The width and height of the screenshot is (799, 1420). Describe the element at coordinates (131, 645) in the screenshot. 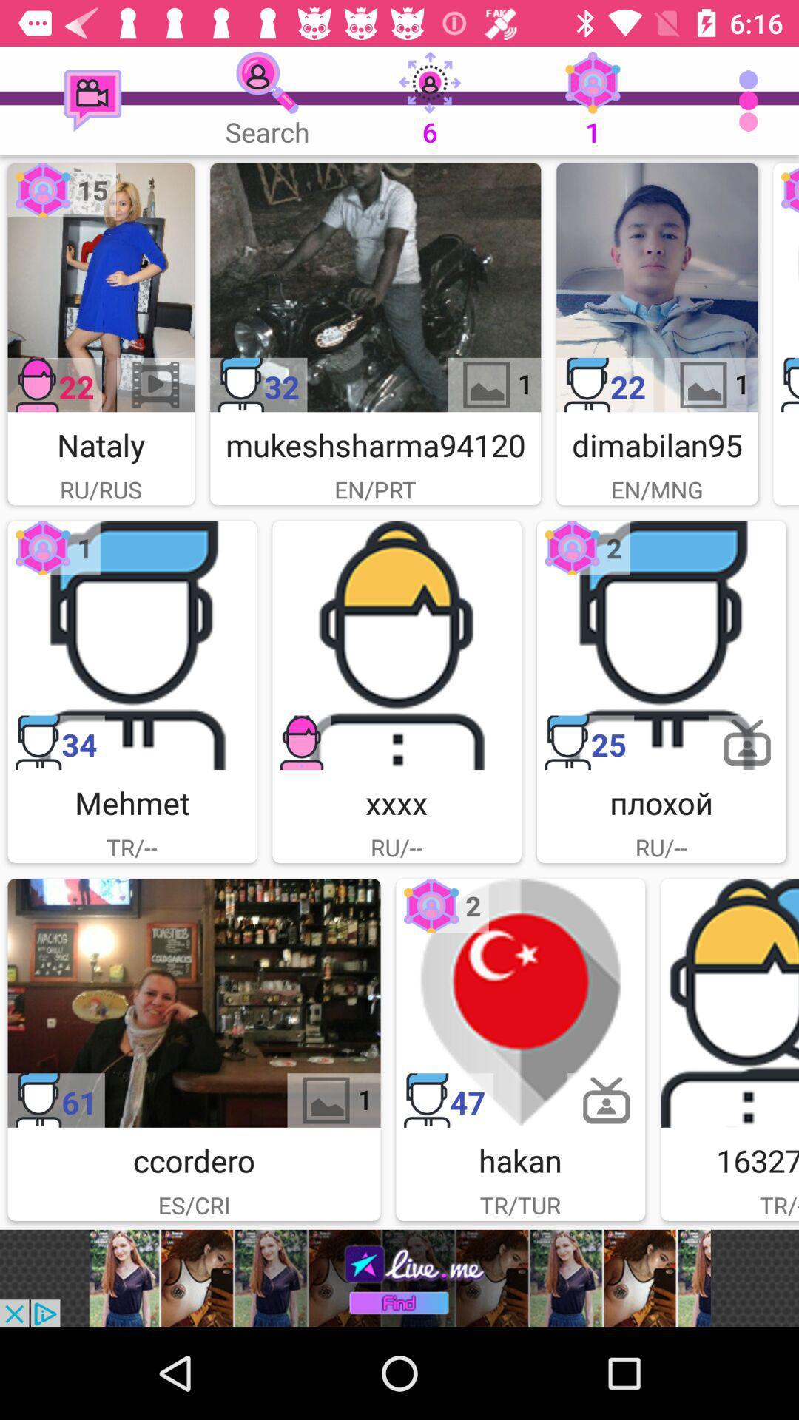

I see `picture post` at that location.